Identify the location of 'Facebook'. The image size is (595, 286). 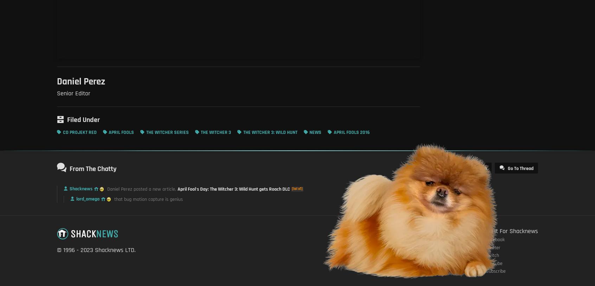
(495, 239).